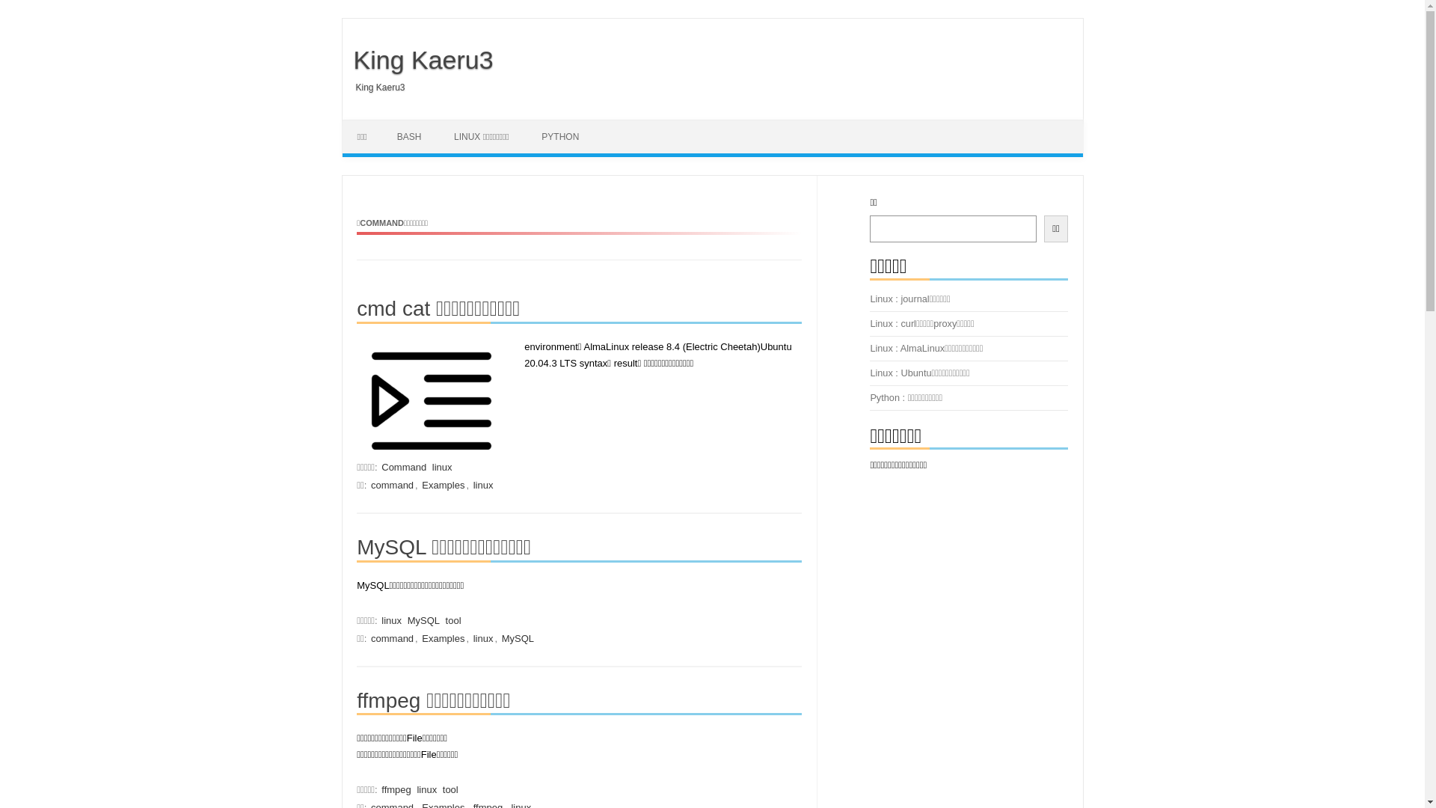 This screenshot has width=1436, height=808. Describe the element at coordinates (452, 620) in the screenshot. I see `'tool'` at that location.